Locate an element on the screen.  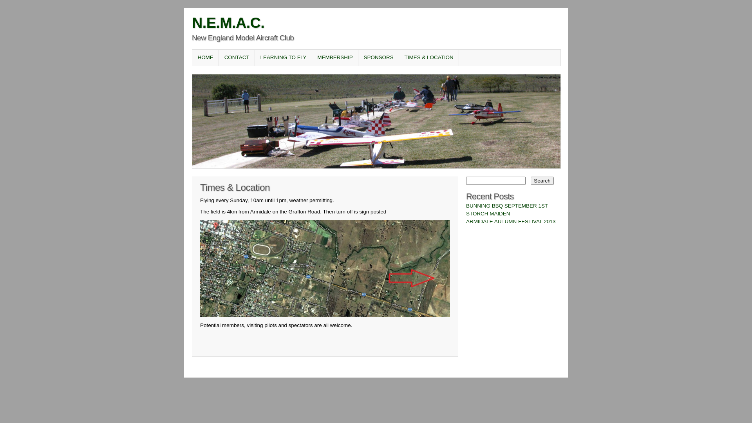
'TIMES & LOCATION' is located at coordinates (428, 57).